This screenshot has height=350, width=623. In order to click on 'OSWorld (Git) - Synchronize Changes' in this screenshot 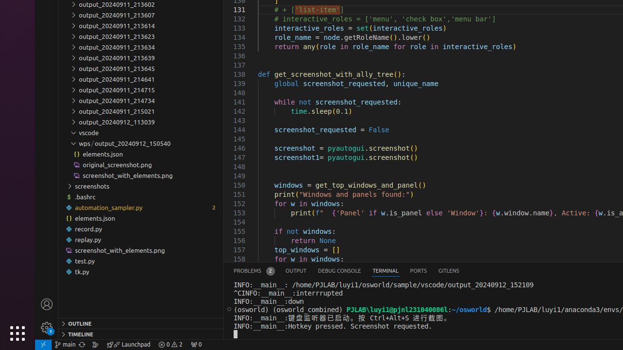, I will do `click(82, 344)`.